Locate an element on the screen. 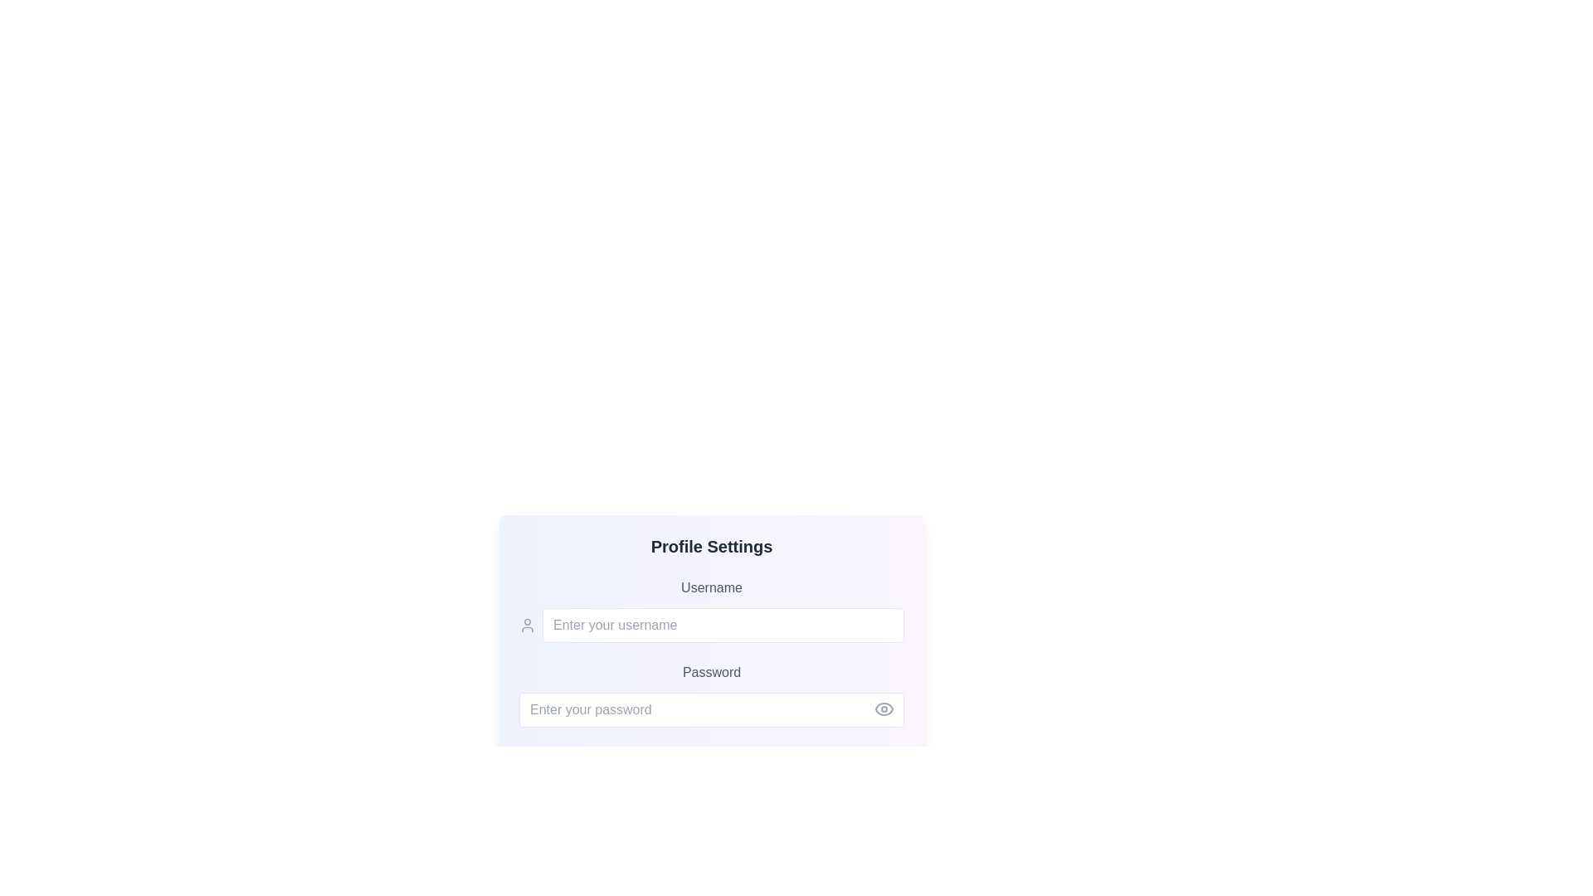  the 'Username' text label, which is styled with a medium-weight font and gray color, positioned directly above the username input field is located at coordinates (712, 587).